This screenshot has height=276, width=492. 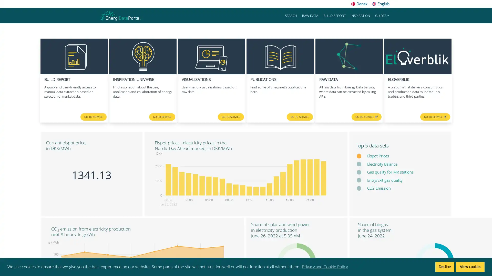 What do you see at coordinates (470, 267) in the screenshot?
I see `allow cookies` at bounding box center [470, 267].